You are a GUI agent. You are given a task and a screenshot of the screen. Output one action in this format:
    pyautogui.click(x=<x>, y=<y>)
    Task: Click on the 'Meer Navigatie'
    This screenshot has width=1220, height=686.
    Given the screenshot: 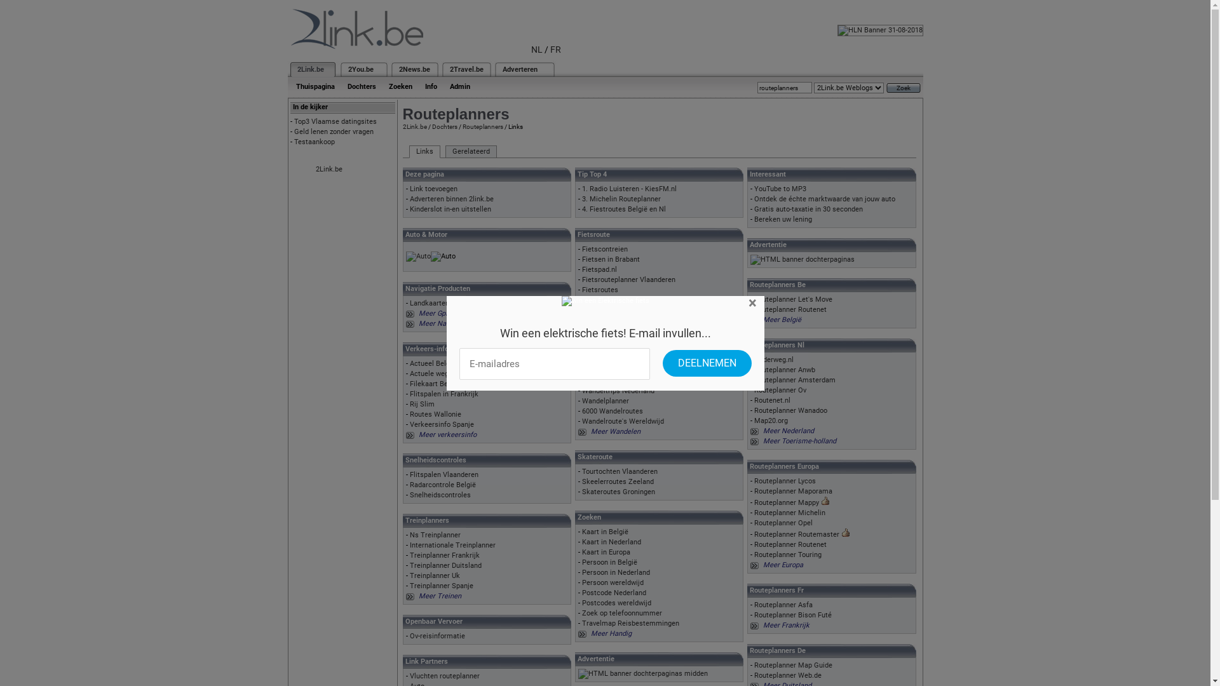 What is the action you would take?
    pyautogui.click(x=417, y=323)
    